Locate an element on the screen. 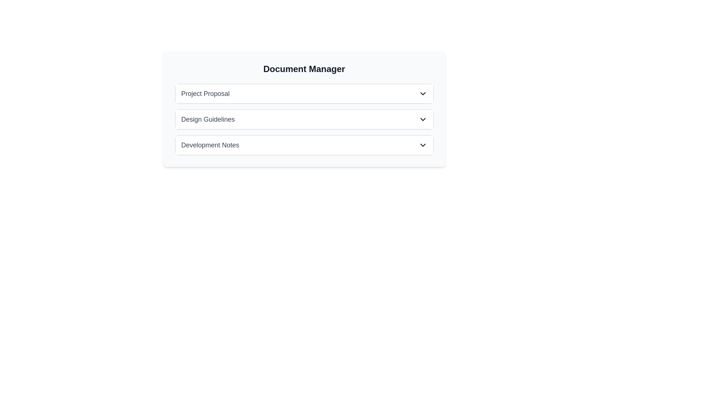  the 'Design Guidelines' expandable list item is located at coordinates (304, 119).